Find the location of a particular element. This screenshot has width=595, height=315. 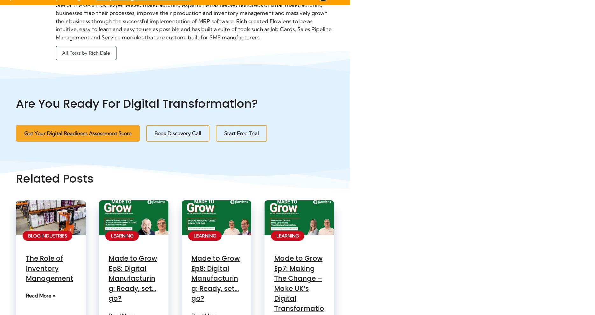

'Get Your Digital Readiness Assessment Score' is located at coordinates (77, 133).